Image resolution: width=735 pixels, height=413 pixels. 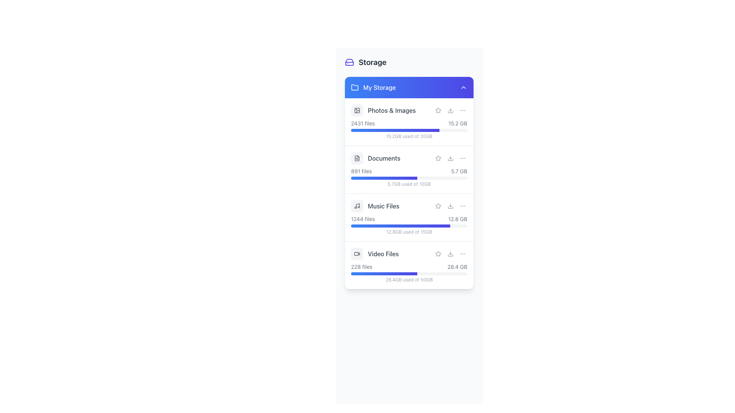 What do you see at coordinates (450, 158) in the screenshot?
I see `the download icon represented by a downward arrow, located to the far right of the 'Documents' entry in the storage list, to observe its hover effects` at bounding box center [450, 158].